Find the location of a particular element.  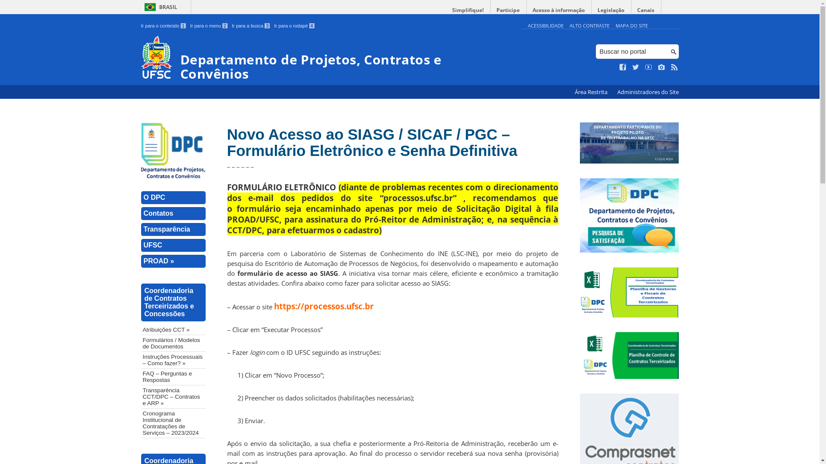

'ALTO CONTRASTE' is located at coordinates (589, 25).